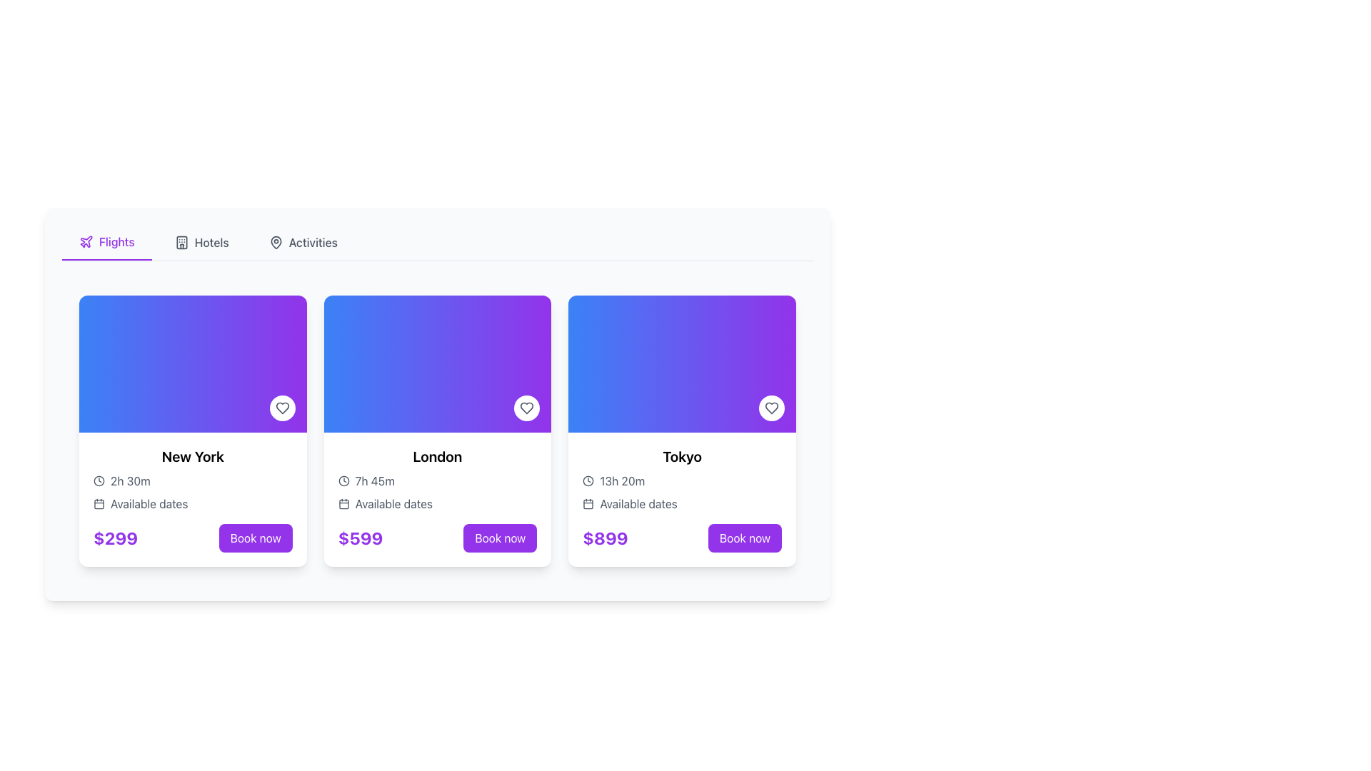 The height and width of the screenshot is (771, 1371). I want to click on the button located at the bottom-right corner of the 'London' card to mark it as a favorite or liked item, so click(526, 408).